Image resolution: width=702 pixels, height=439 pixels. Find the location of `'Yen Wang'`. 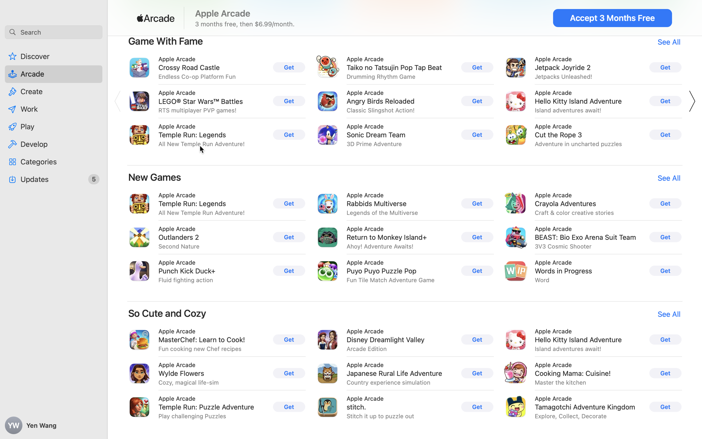

'Yen Wang' is located at coordinates (54, 425).